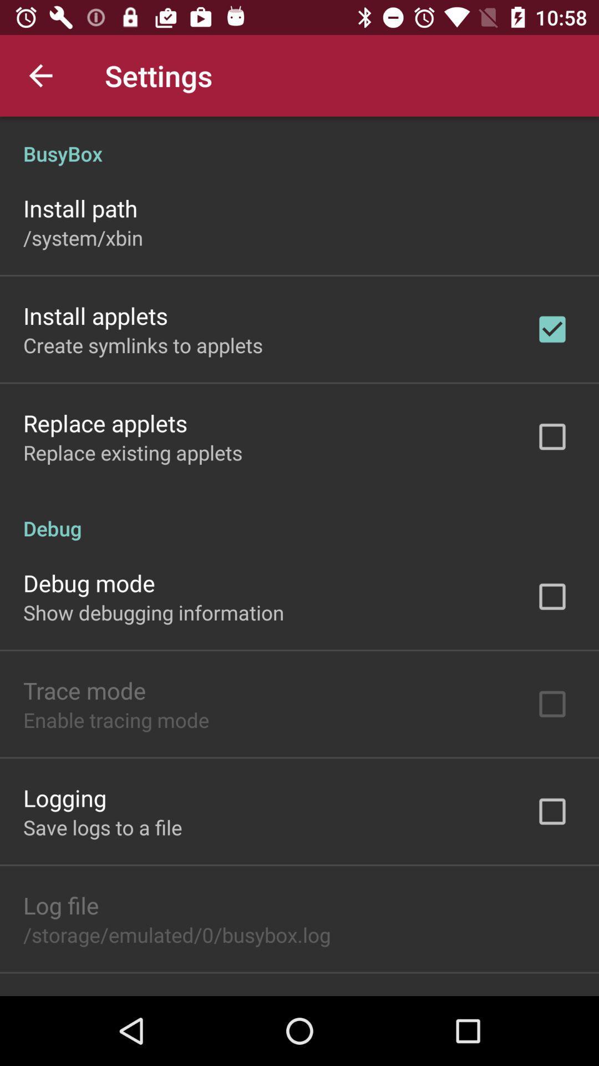  Describe the element at coordinates (80, 208) in the screenshot. I see `the install path icon` at that location.